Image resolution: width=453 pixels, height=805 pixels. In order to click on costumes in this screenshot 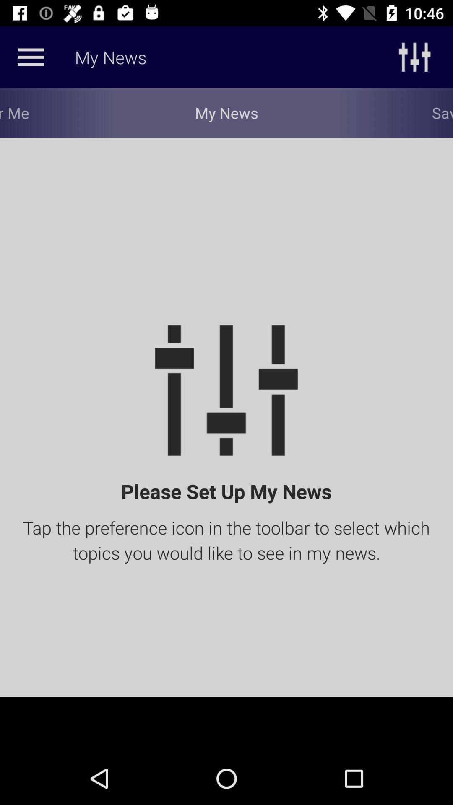, I will do `click(30, 57)`.